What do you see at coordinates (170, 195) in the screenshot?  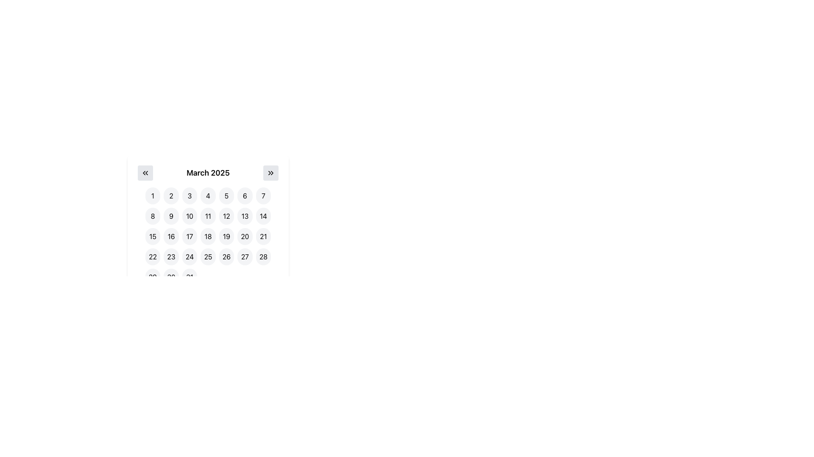 I see `the second button in the calendar interface` at bounding box center [170, 195].